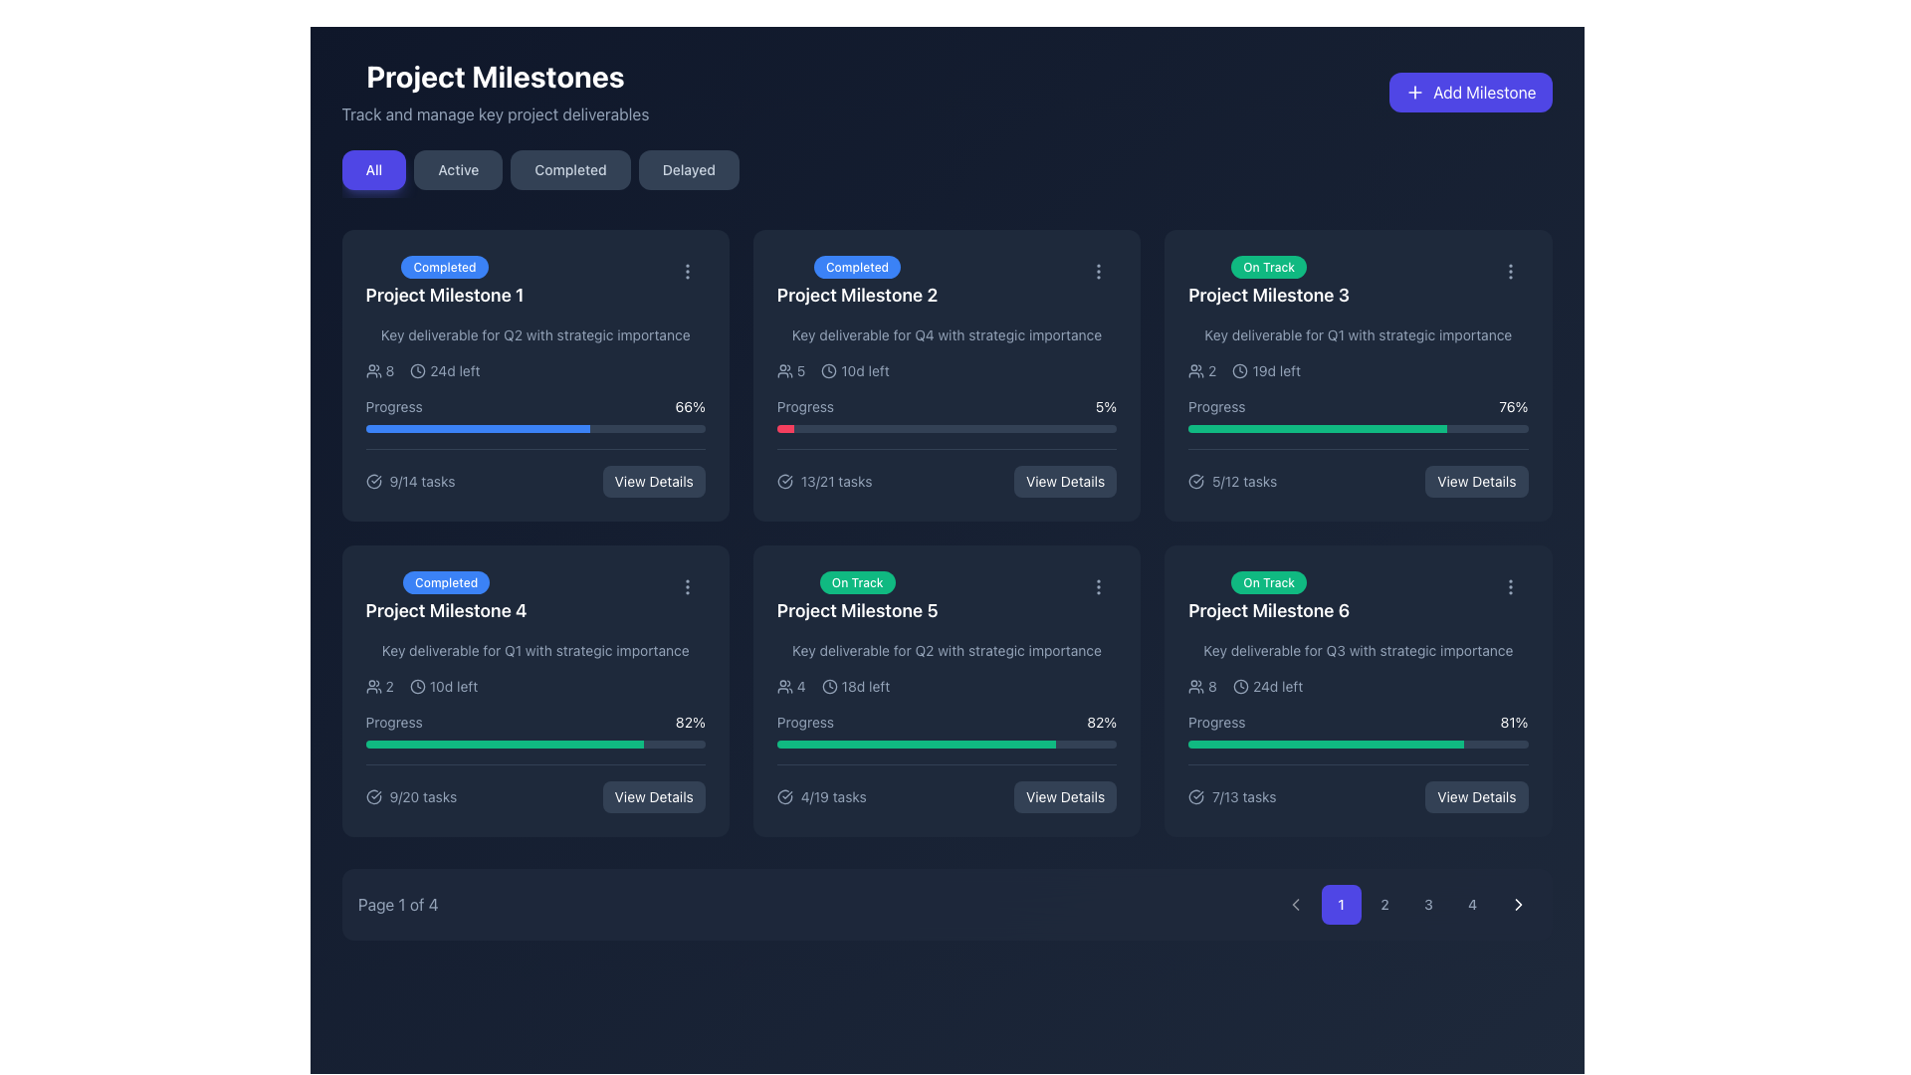 This screenshot has width=1911, height=1075. I want to click on the vertical ellipsis icon button located in the top-right corner of the 'Project Milestone 6' panel, so click(1510, 586).